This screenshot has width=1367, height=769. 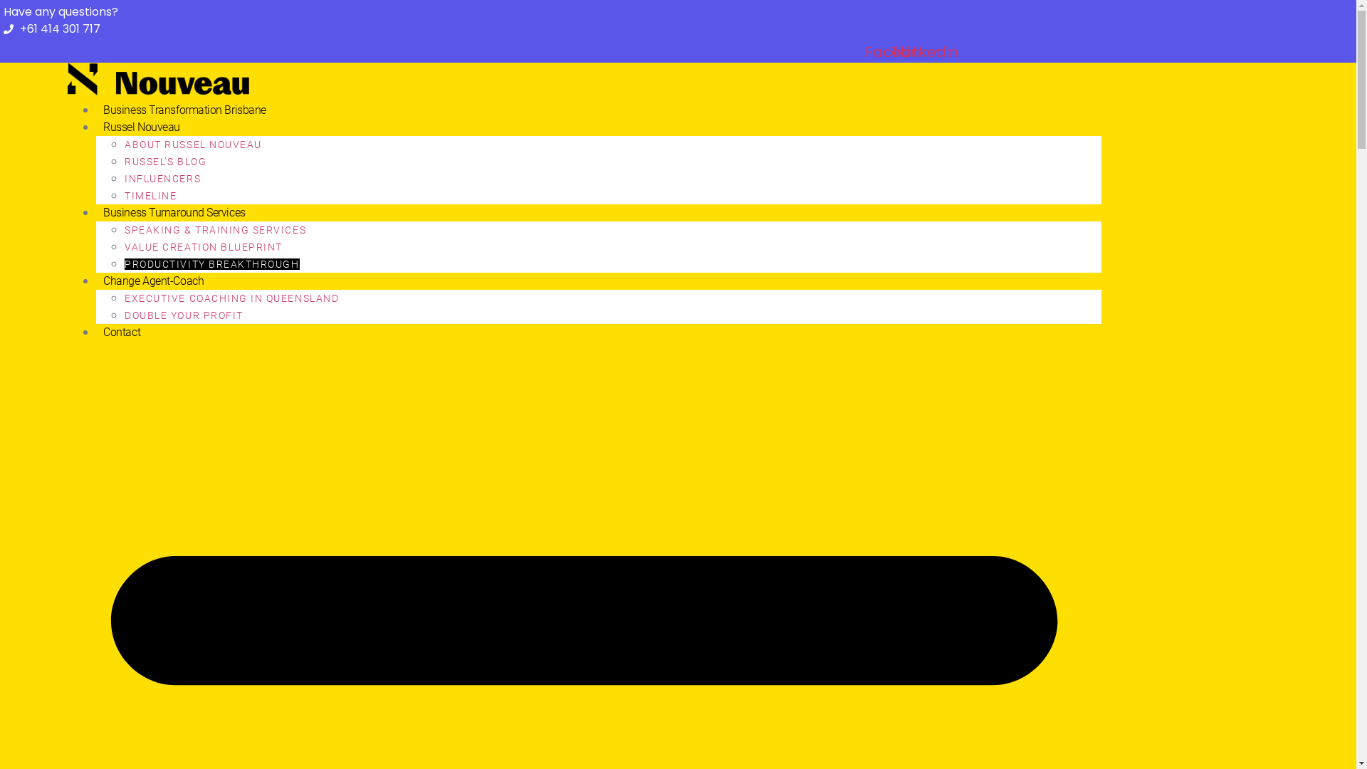 I want to click on 'Facebook', so click(x=892, y=51).